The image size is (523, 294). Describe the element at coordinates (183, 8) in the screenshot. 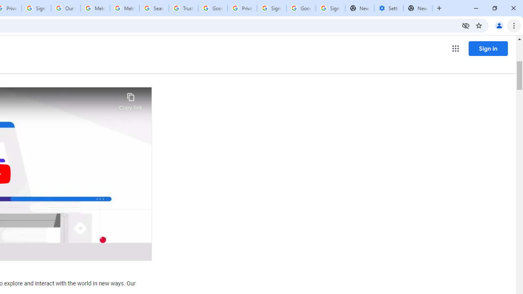

I see `'Trusted Information and Content - Google Safety Center'` at that location.